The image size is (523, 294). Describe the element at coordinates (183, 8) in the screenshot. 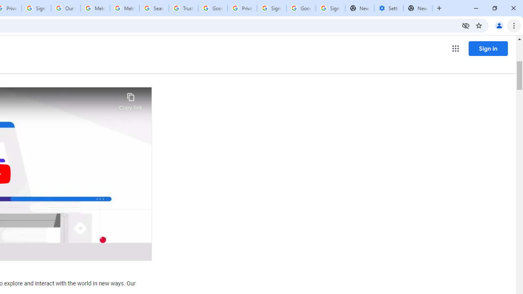

I see `'Trusted Information and Content - Google Safety Center'` at that location.